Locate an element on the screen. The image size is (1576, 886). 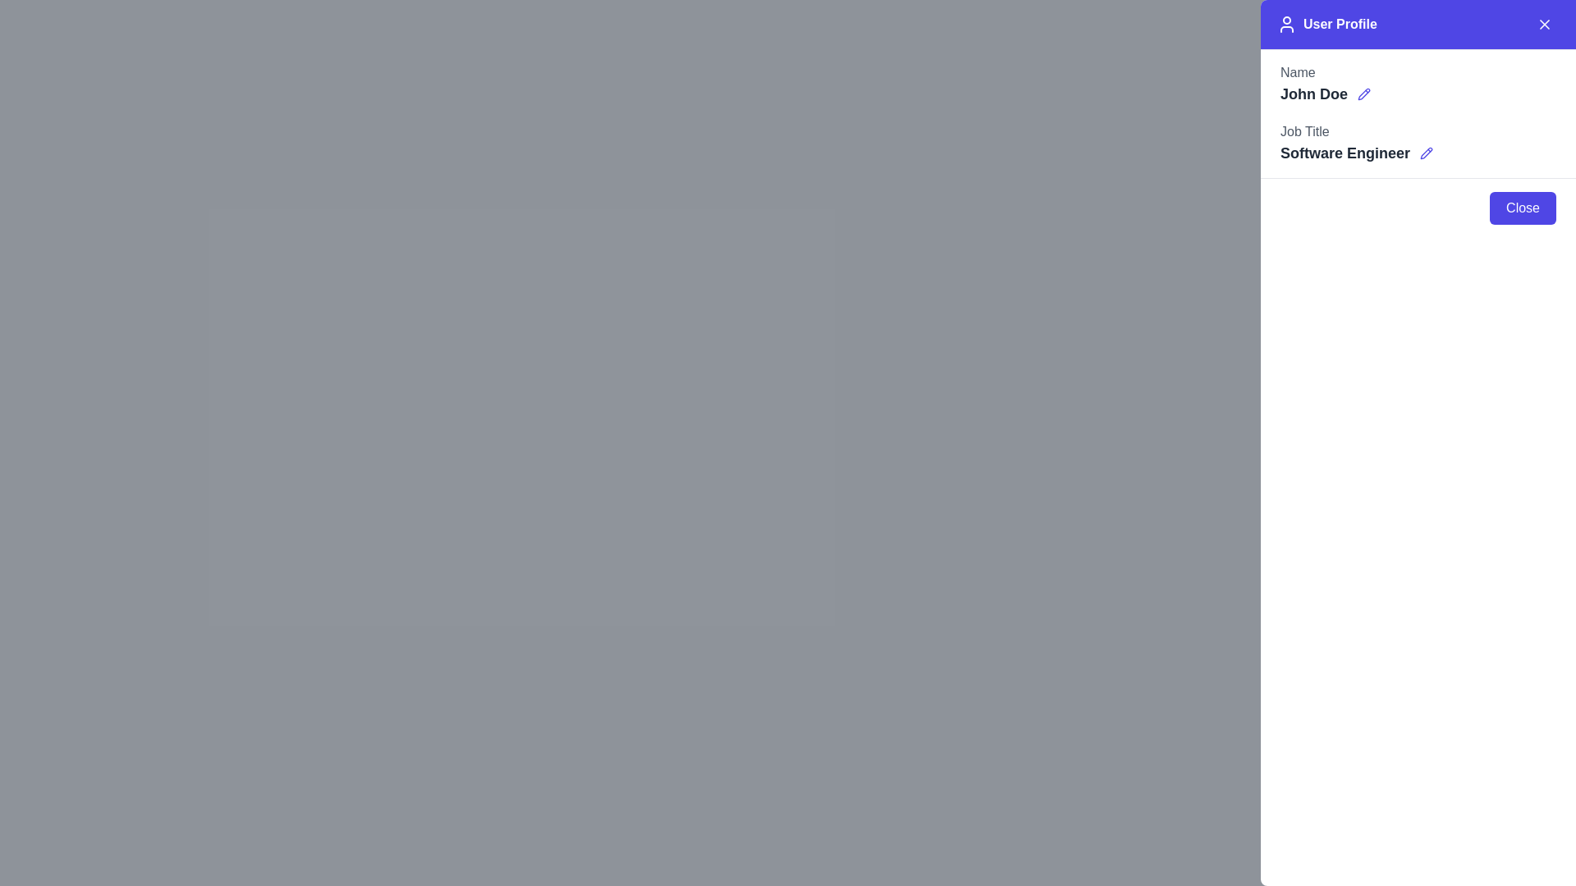
the 'User Profile' text label, which is a bold text element positioned within the purple header section, located near the top-right corner of the interface, next to the user icon and close button is located at coordinates (1340, 25).